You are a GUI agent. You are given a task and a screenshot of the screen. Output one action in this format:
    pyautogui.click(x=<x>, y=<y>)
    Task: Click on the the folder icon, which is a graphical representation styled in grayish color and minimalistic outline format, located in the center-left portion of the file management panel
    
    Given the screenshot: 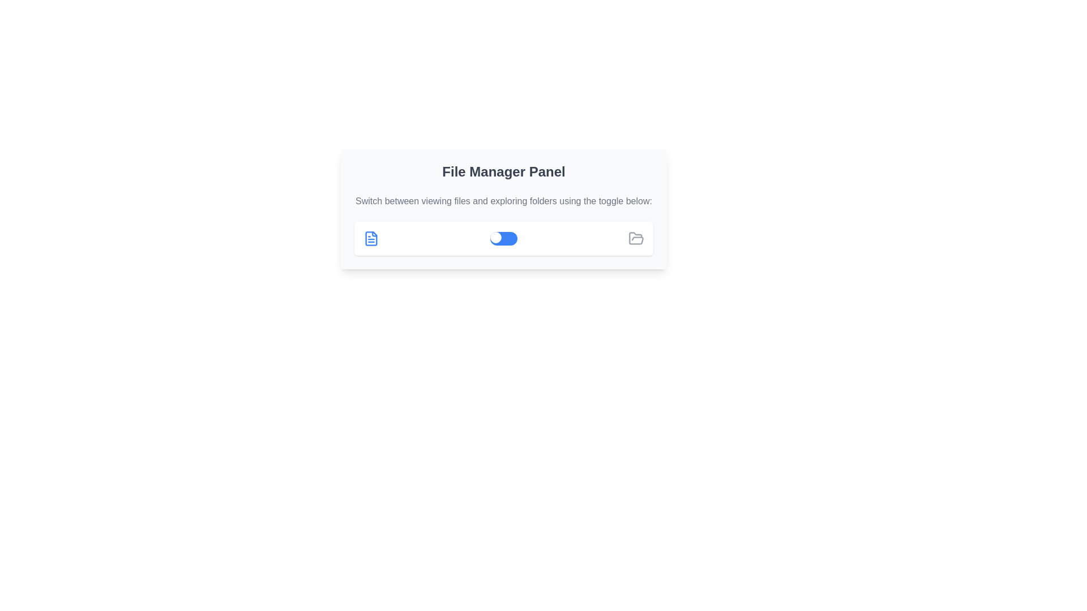 What is the action you would take?
    pyautogui.click(x=636, y=238)
    